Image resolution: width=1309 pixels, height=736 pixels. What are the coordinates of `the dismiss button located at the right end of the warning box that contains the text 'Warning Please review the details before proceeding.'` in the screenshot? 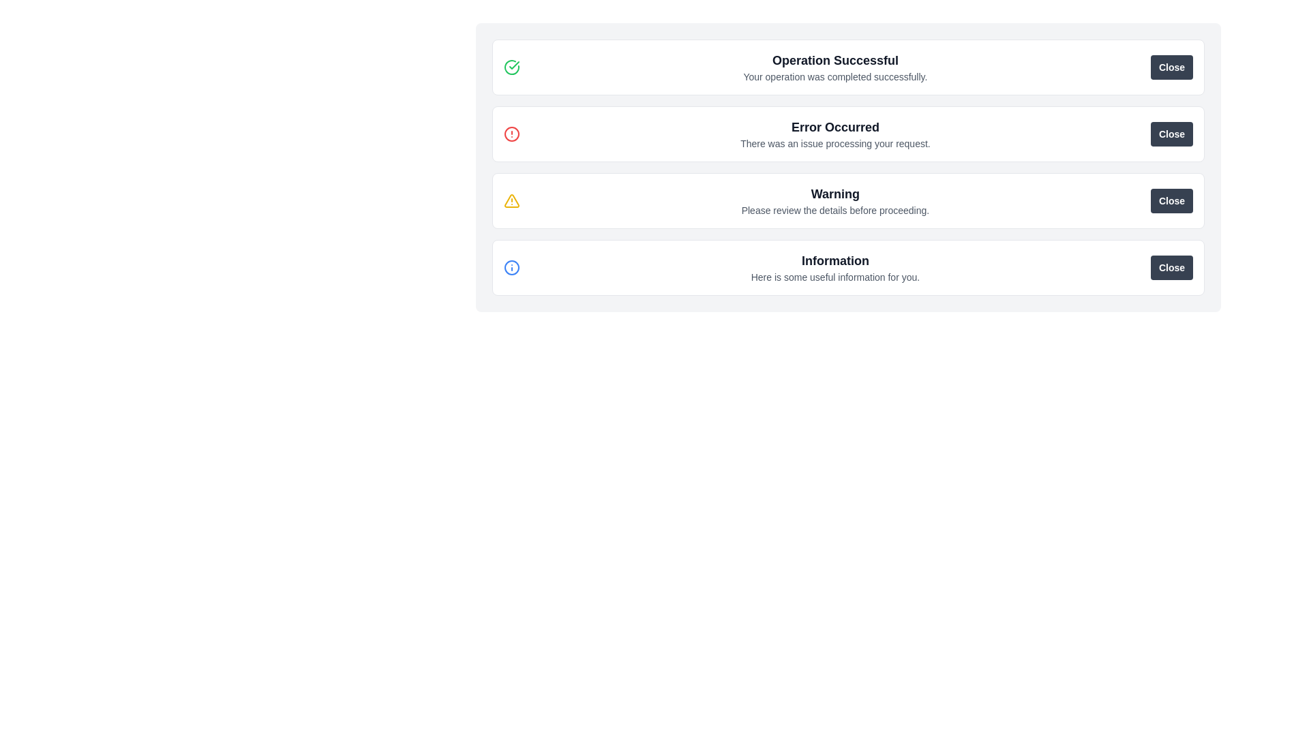 It's located at (1171, 200).